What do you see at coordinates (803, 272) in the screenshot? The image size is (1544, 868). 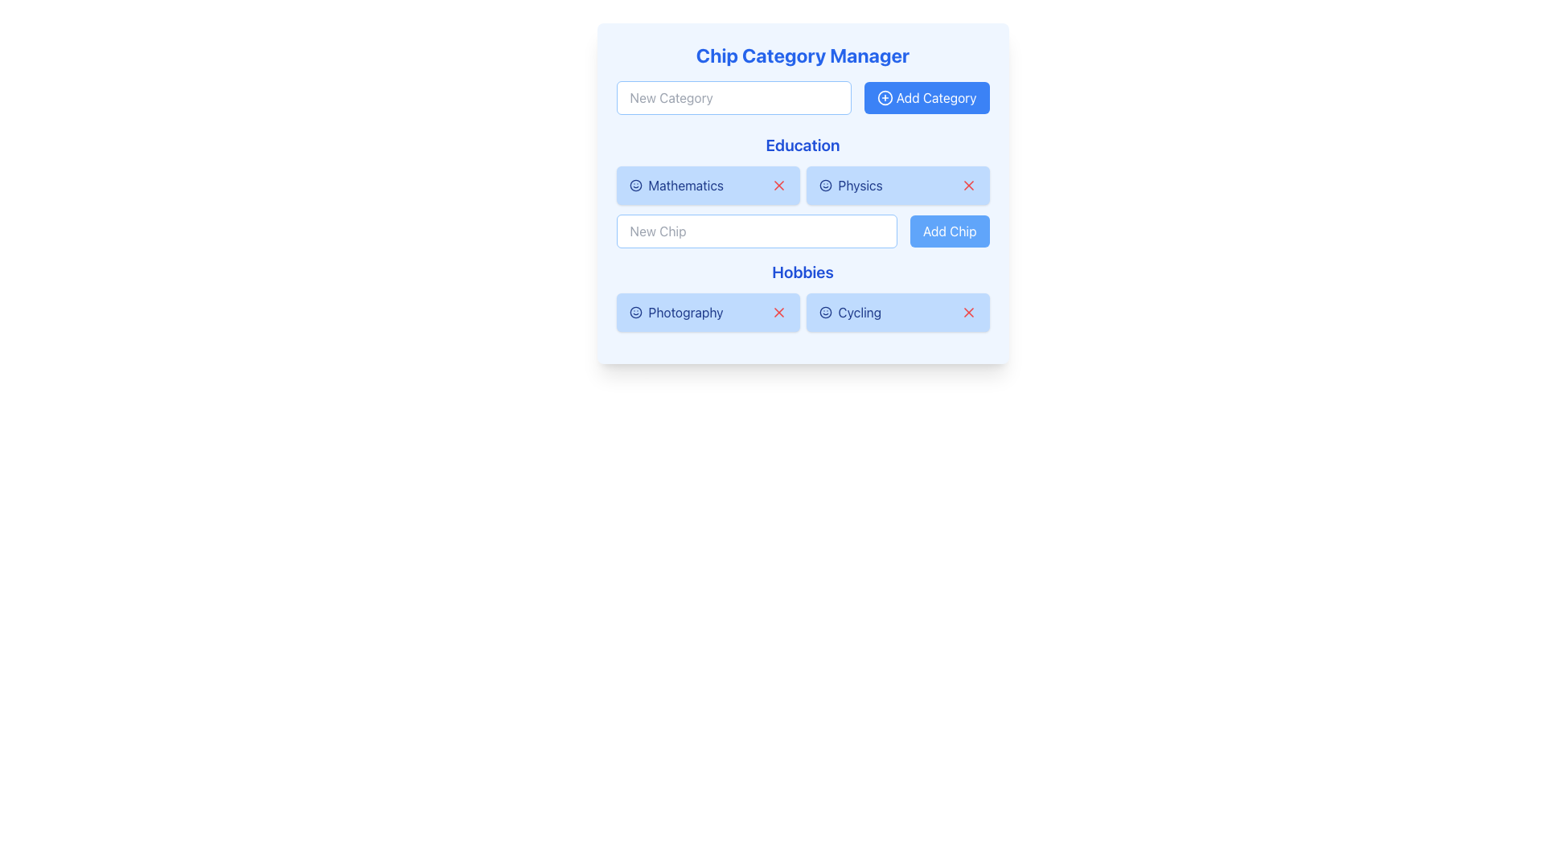 I see `the Text Label that categorizes the options under 'Hobbies', positioned between a text input field and selection buttons above, and selectable options like 'Photography' and 'Cycling' below` at bounding box center [803, 272].